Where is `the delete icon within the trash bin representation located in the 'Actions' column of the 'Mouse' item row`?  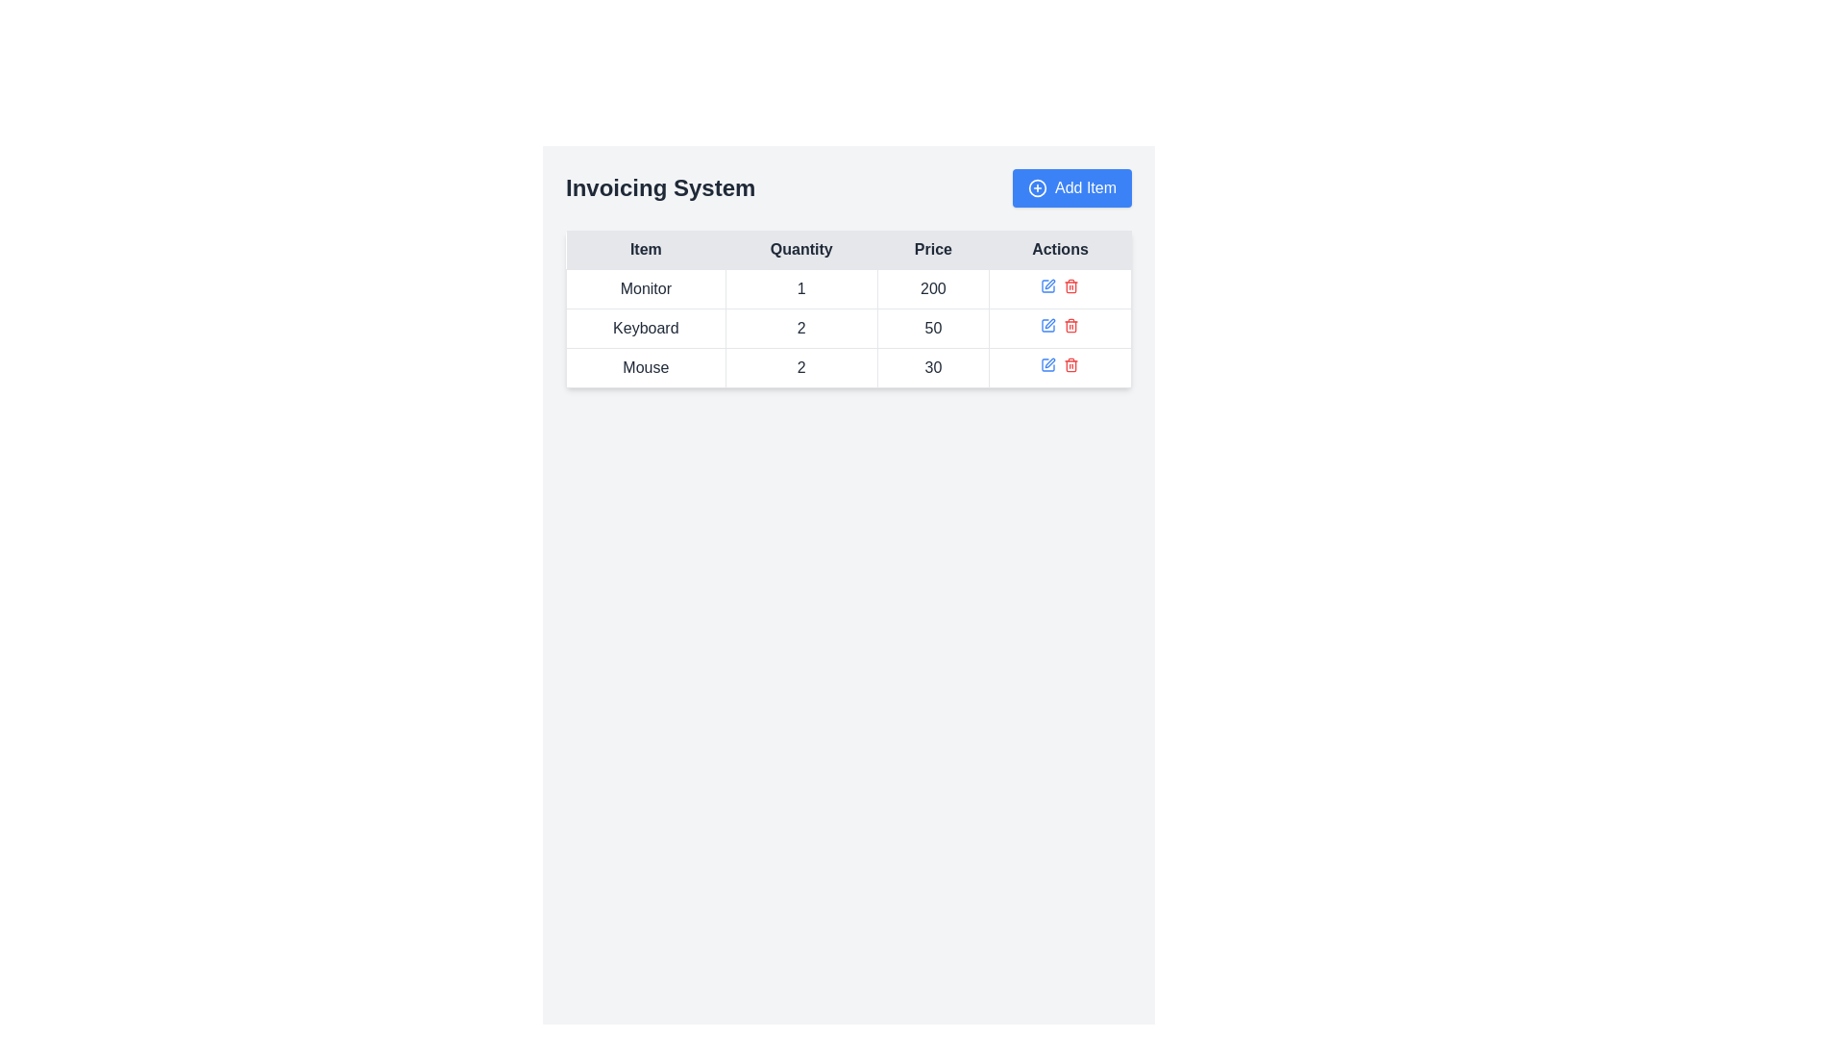
the delete icon within the trash bin representation located in the 'Actions' column of the 'Mouse' item row is located at coordinates (1070, 366).